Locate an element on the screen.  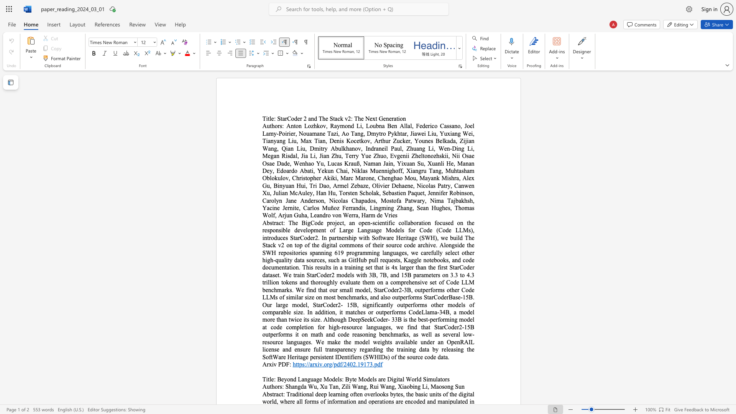
the subset text "tra" within the text "Abstract:" is located at coordinates (272, 394).